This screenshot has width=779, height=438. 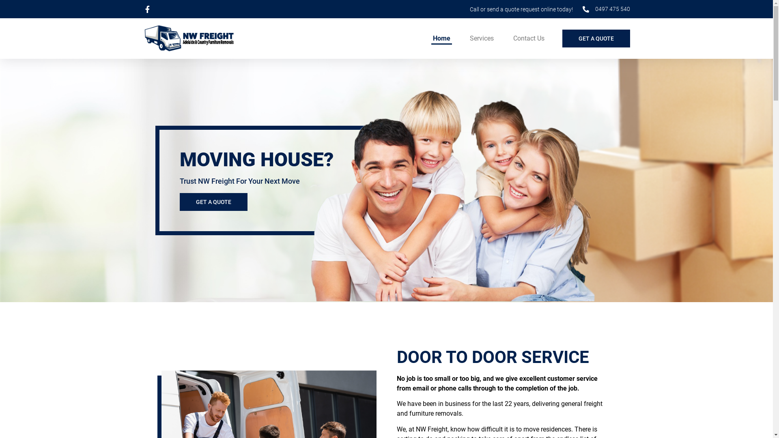 I want to click on 'Home', so click(x=441, y=39).